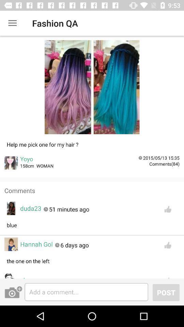 The height and width of the screenshot is (327, 184). Describe the element at coordinates (140, 158) in the screenshot. I see `the timer symbol` at that location.